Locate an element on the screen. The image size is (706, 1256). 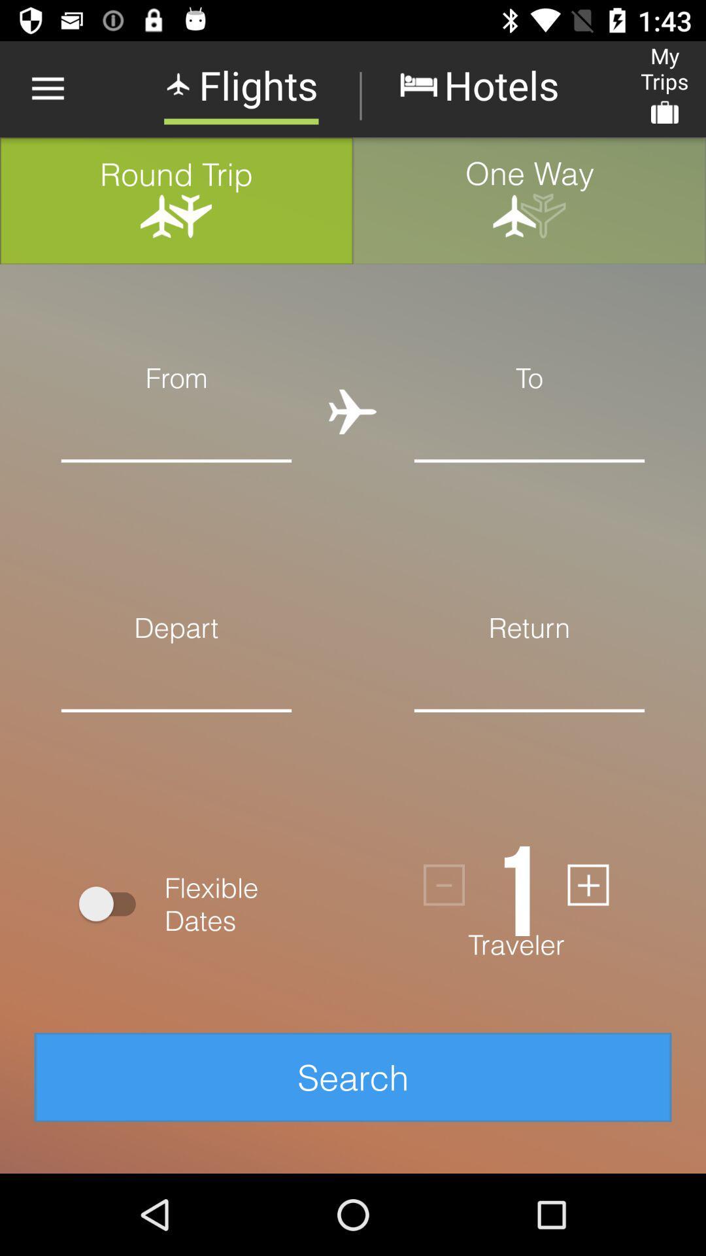
the add icon is located at coordinates (587, 885).